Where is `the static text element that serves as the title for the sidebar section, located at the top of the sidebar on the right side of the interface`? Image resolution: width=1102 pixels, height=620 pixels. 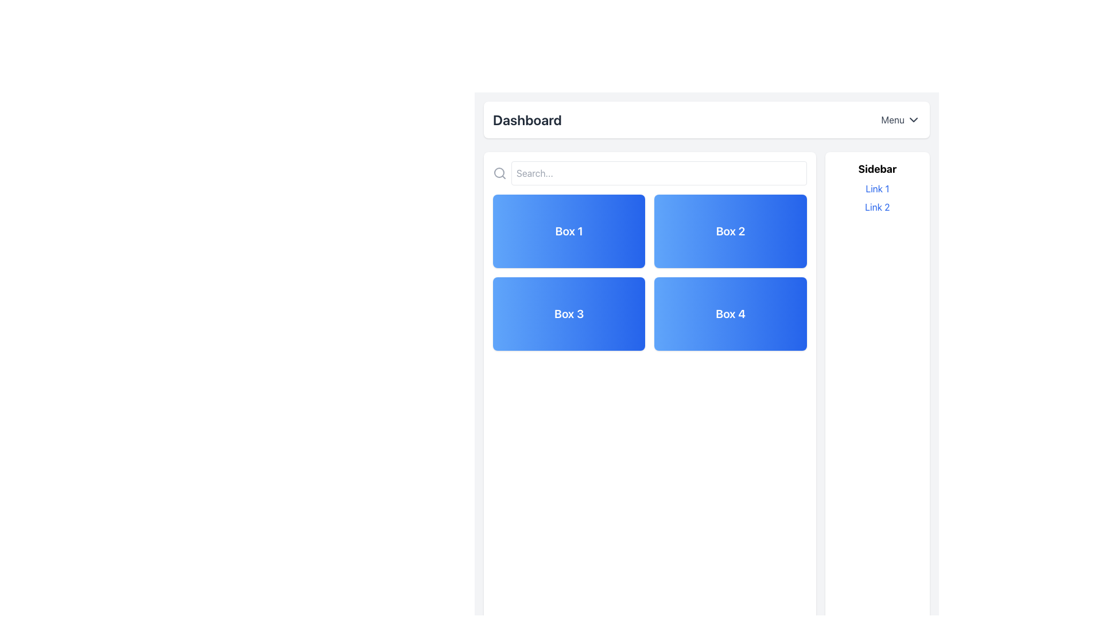
the static text element that serves as the title for the sidebar section, located at the top of the sidebar on the right side of the interface is located at coordinates (876, 169).